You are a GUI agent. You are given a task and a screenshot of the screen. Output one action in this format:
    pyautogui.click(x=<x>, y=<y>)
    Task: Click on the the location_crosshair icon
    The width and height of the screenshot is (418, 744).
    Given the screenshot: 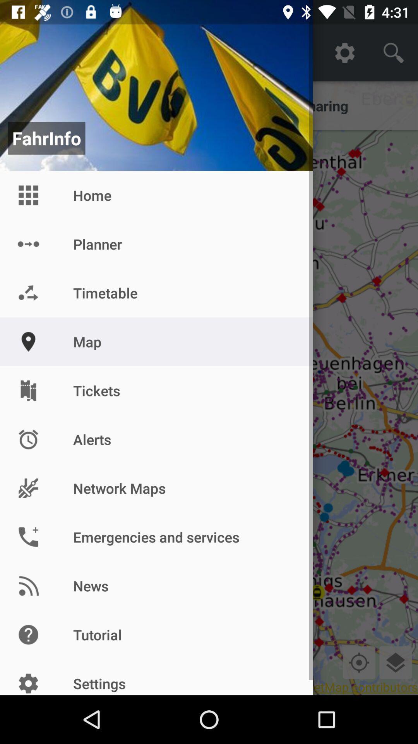 What is the action you would take?
    pyautogui.click(x=359, y=662)
    